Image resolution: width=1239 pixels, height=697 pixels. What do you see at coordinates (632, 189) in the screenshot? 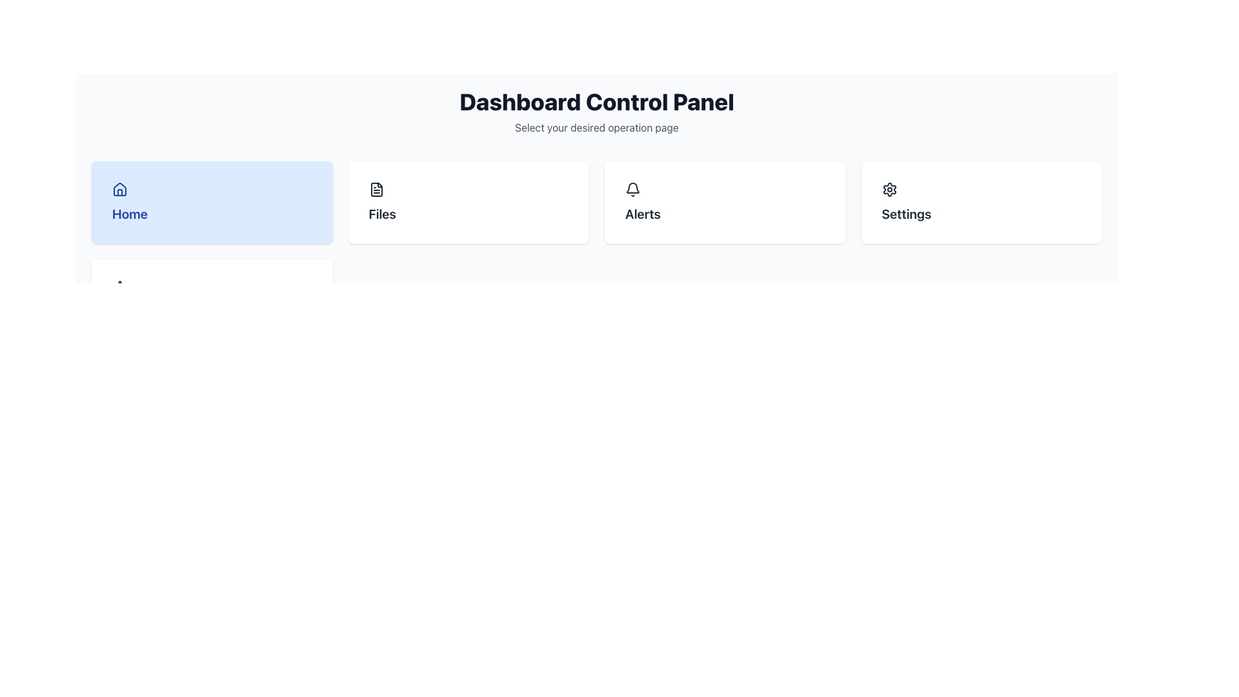
I see `the notification icon located in the 'Alerts' section, which is centrally aligned between the 'Files' and 'Settings' sections` at bounding box center [632, 189].